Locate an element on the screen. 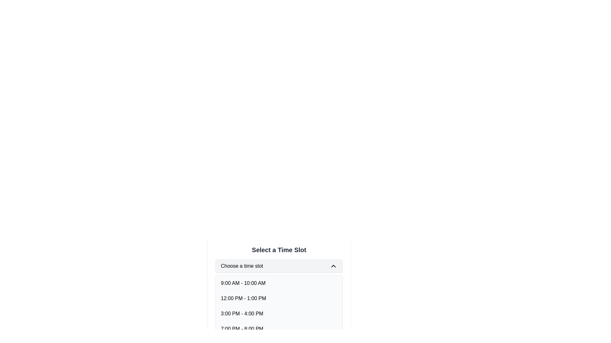 Image resolution: width=611 pixels, height=343 pixels. the text label displaying the time slot '12:00 PM - 1:00 PM', which is the second item in a vertically aligned list of time slots is located at coordinates (243, 299).